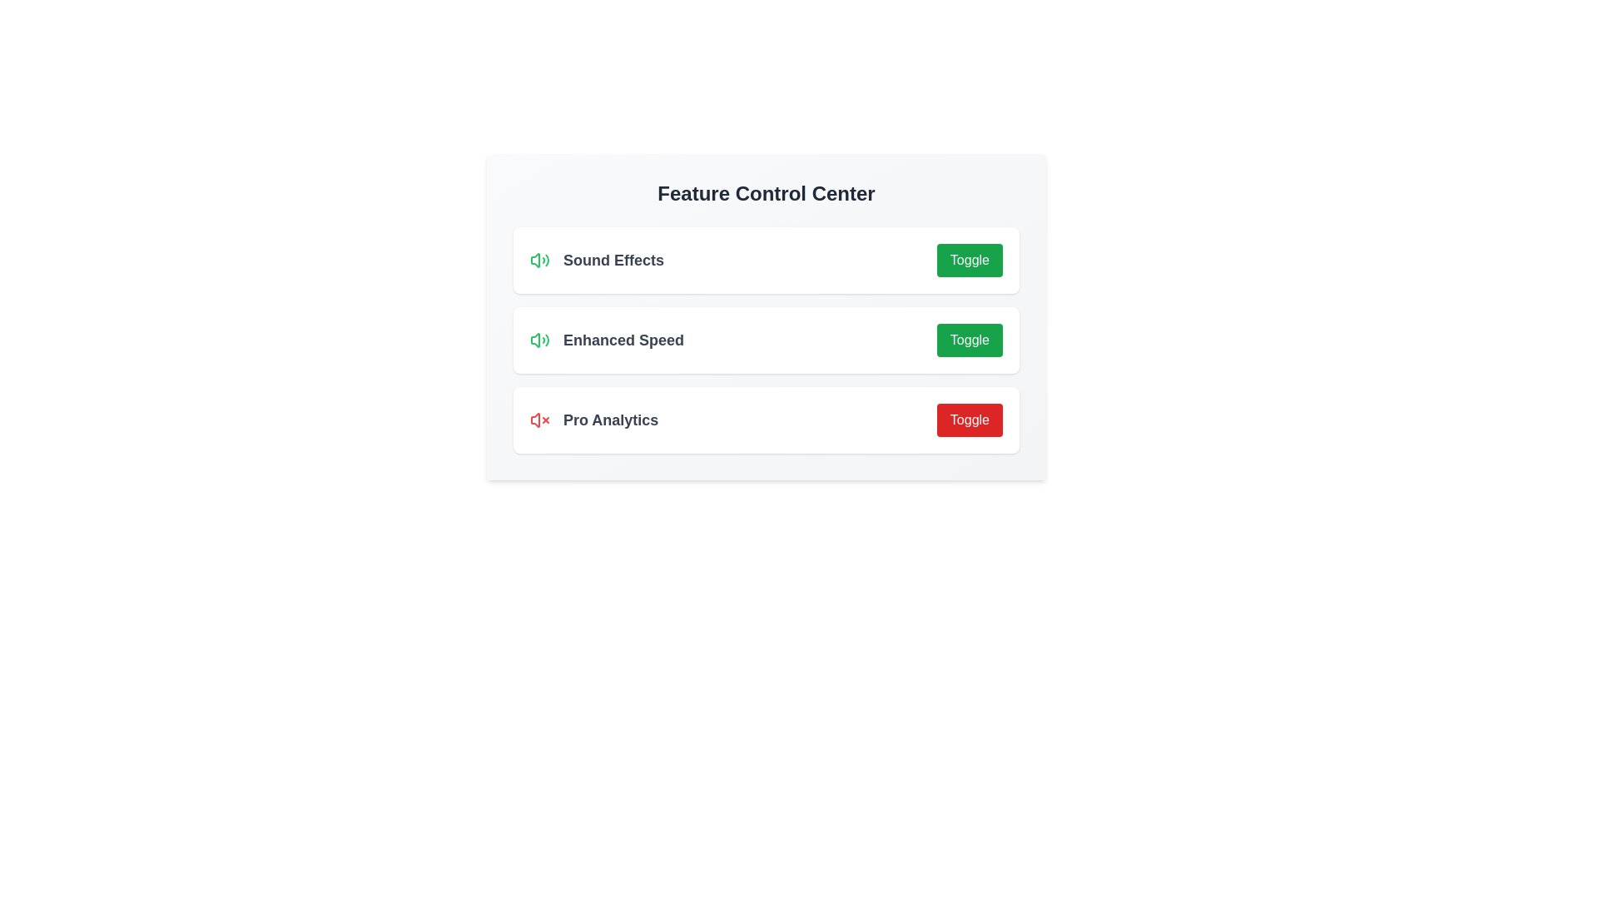  Describe the element at coordinates (970, 339) in the screenshot. I see `the toggle button for Enhanced Speed to change its state` at that location.